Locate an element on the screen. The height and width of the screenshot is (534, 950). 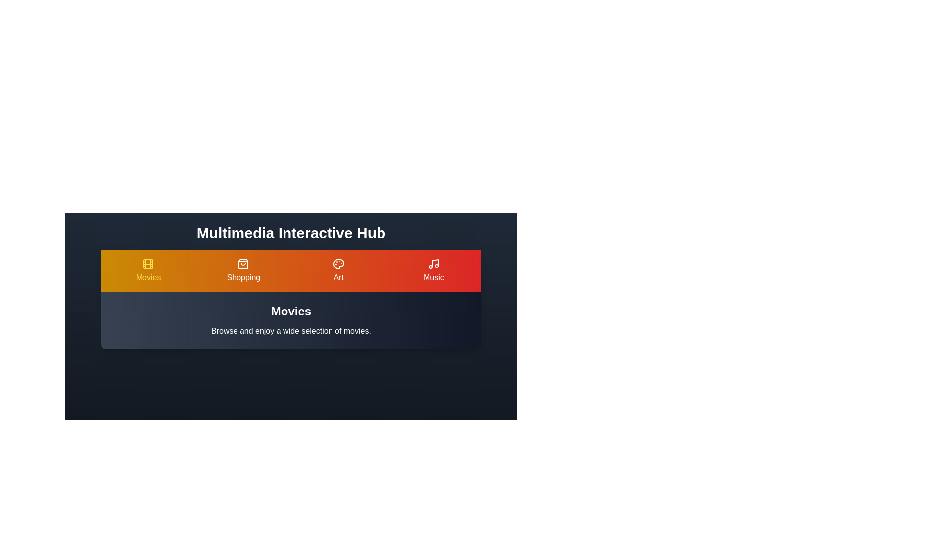
the Shopping tab to explore its content is located at coordinates (242, 270).